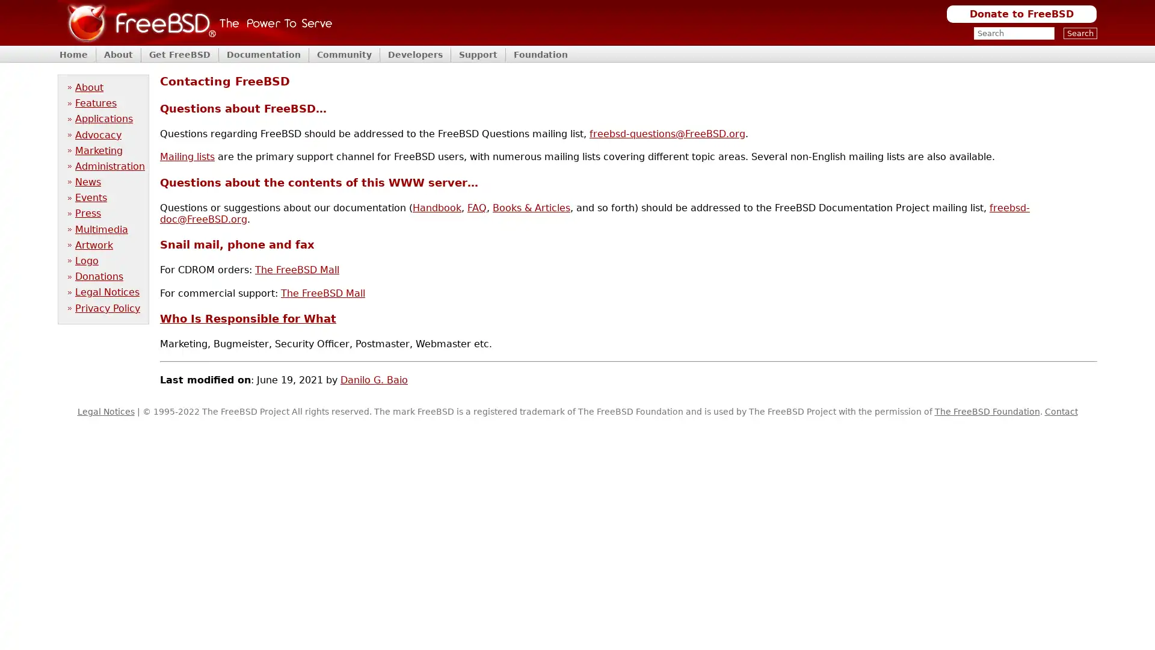 The width and height of the screenshot is (1155, 650). I want to click on Search, so click(1080, 32).